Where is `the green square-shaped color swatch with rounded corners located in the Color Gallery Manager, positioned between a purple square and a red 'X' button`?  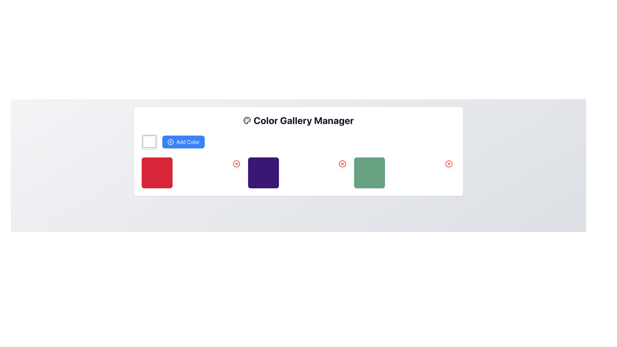
the green square-shaped color swatch with rounded corners located in the Color Gallery Manager, positioned between a purple square and a red 'X' button is located at coordinates (370, 172).